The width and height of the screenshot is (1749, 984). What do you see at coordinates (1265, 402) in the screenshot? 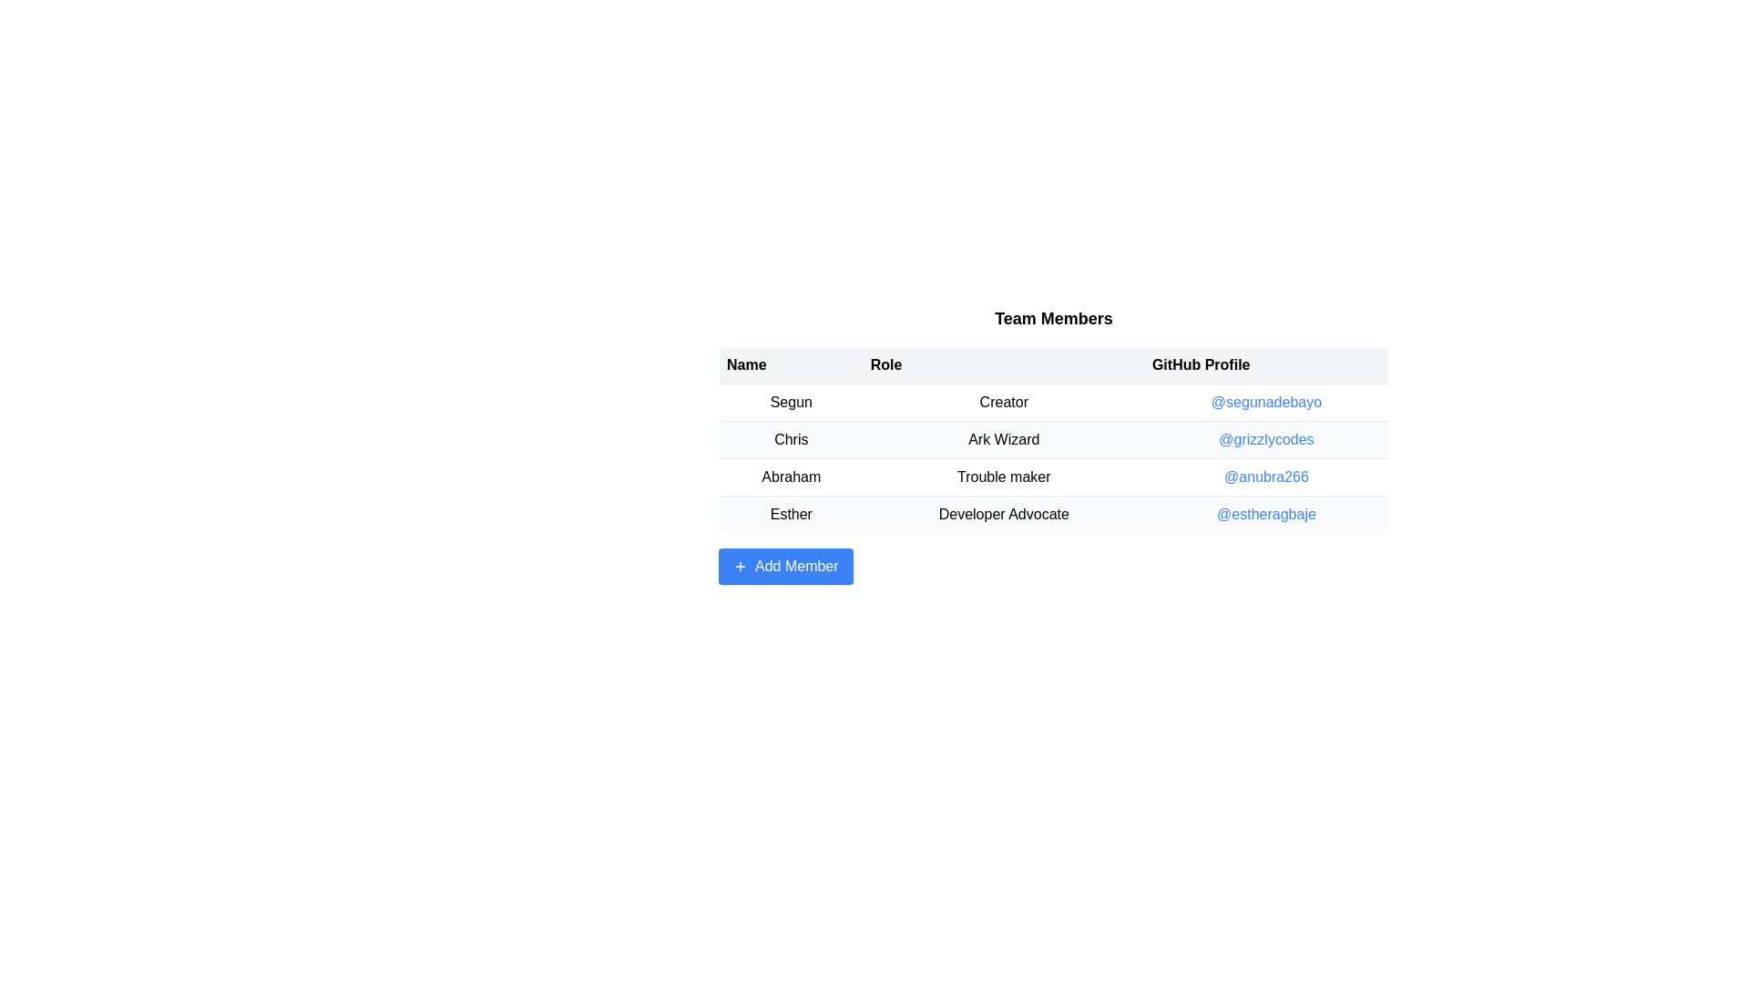
I see `the hyperlink '@segunadebayo' in the 'GitHub Profile' column, which is the third entry and corresponds to the 'Creator' role and 'Segun' name` at bounding box center [1265, 402].